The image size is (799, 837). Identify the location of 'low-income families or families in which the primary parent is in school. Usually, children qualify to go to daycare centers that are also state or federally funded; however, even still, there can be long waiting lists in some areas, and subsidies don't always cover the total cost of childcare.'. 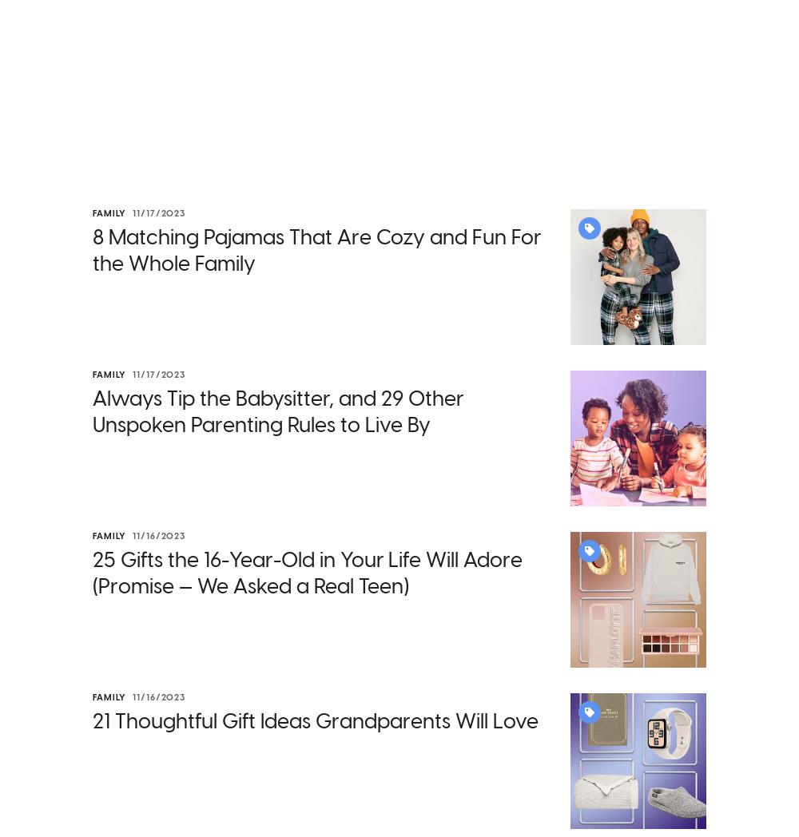
(392, 434).